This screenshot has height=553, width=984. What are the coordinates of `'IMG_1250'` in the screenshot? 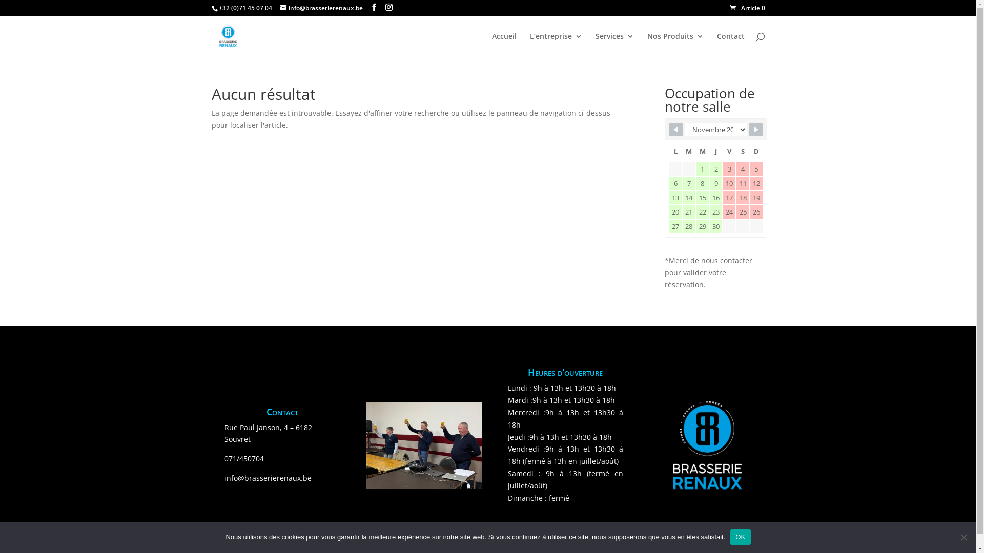 It's located at (423, 445).